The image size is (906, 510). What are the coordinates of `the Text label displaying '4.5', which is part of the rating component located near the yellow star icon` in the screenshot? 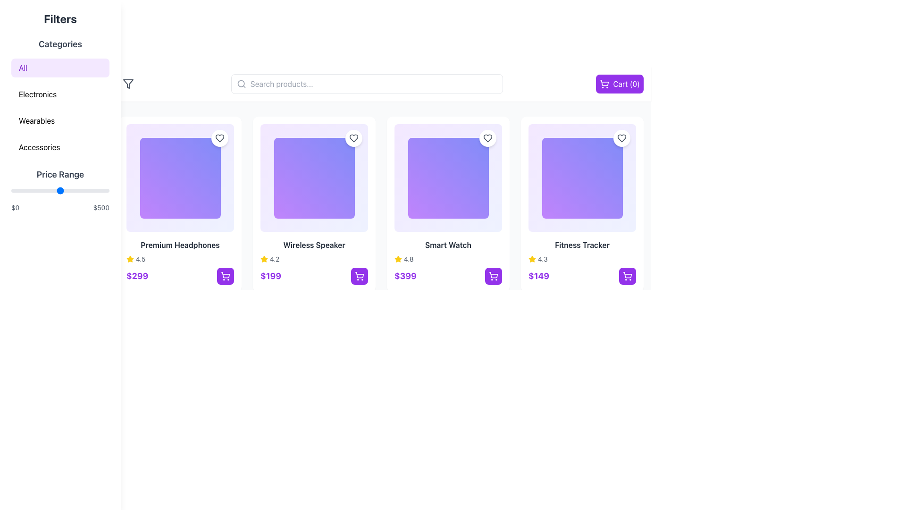 It's located at (140, 259).